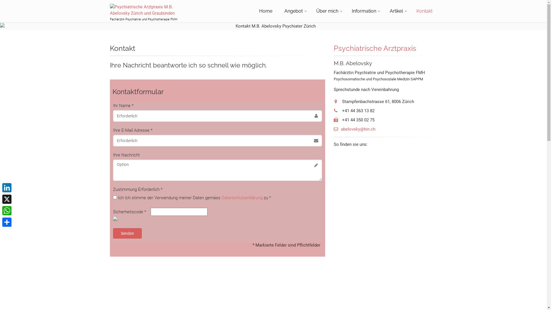  Describe the element at coordinates (397, 11) in the screenshot. I see `'Artikel'` at that location.